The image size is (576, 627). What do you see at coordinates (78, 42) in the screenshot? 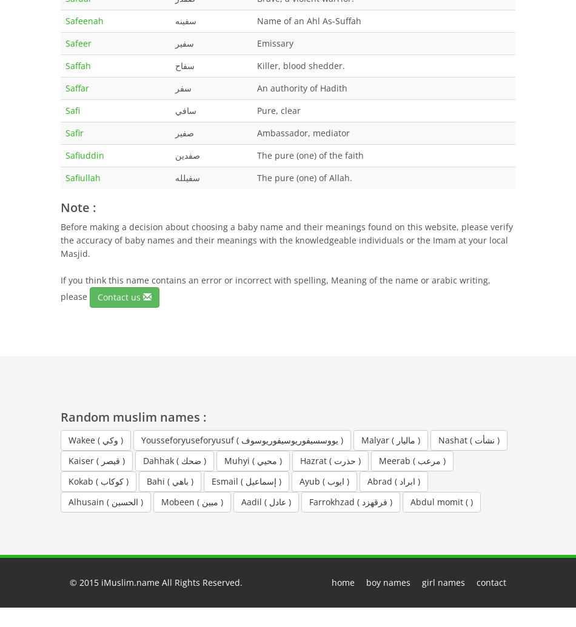
I see `'Safeer'` at bounding box center [78, 42].